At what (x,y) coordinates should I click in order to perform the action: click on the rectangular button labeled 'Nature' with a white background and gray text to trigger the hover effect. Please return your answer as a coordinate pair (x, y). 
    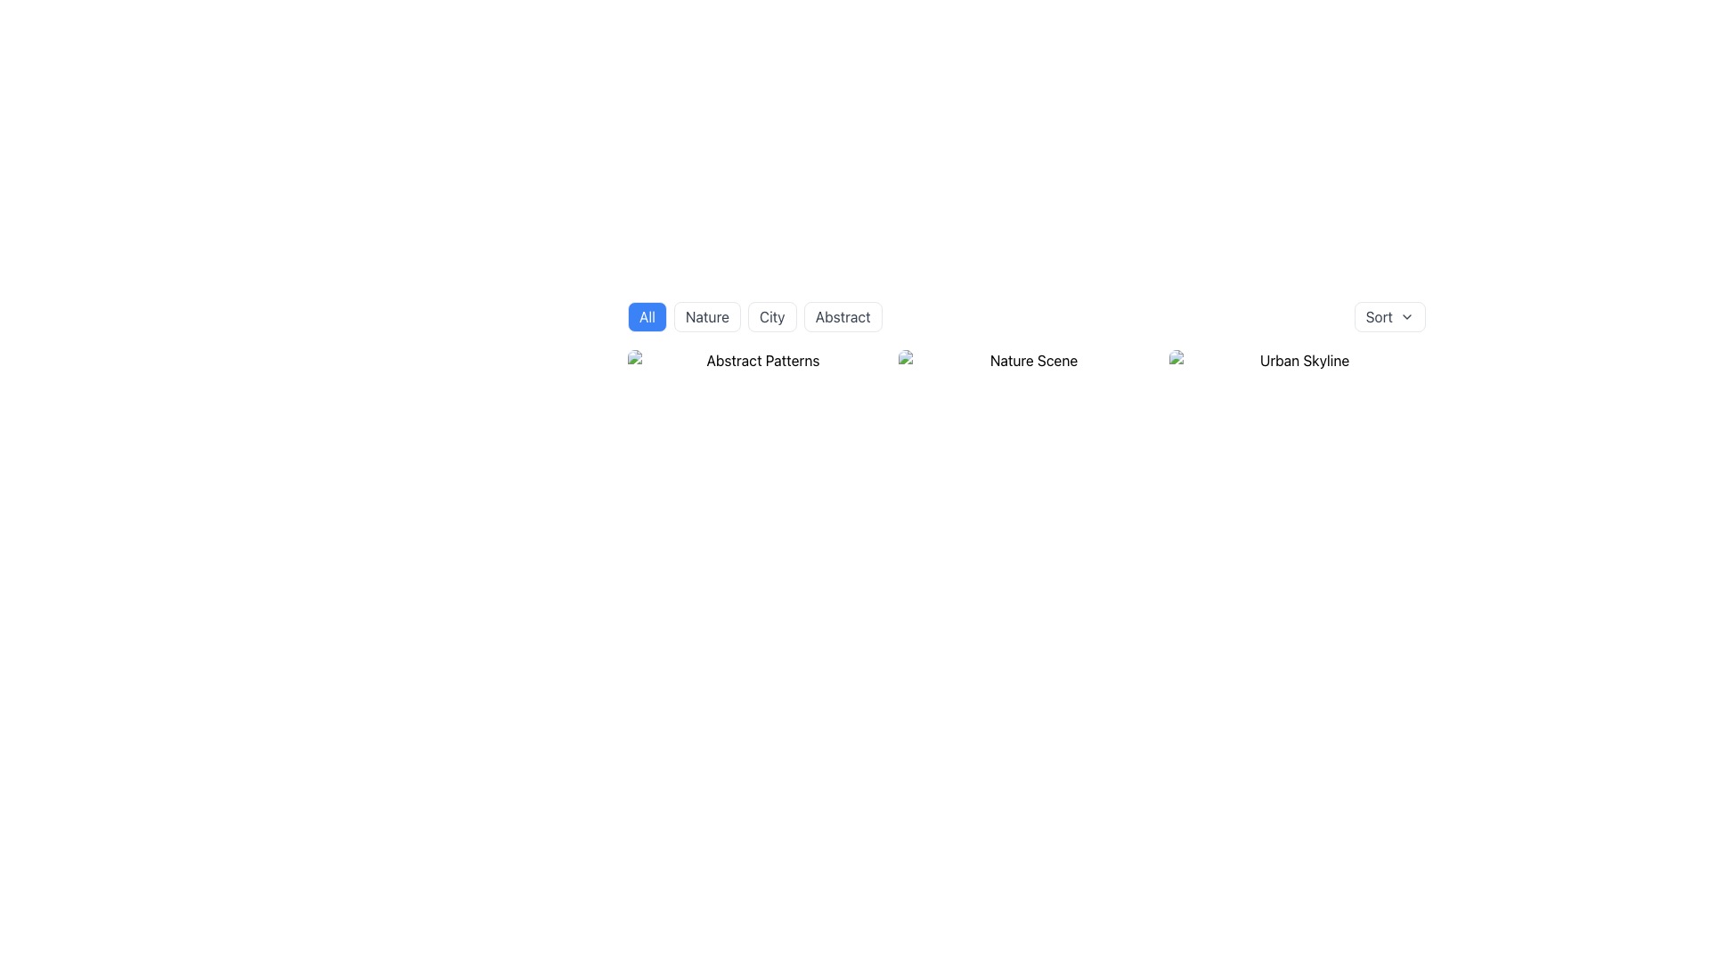
    Looking at the image, I should click on (706, 315).